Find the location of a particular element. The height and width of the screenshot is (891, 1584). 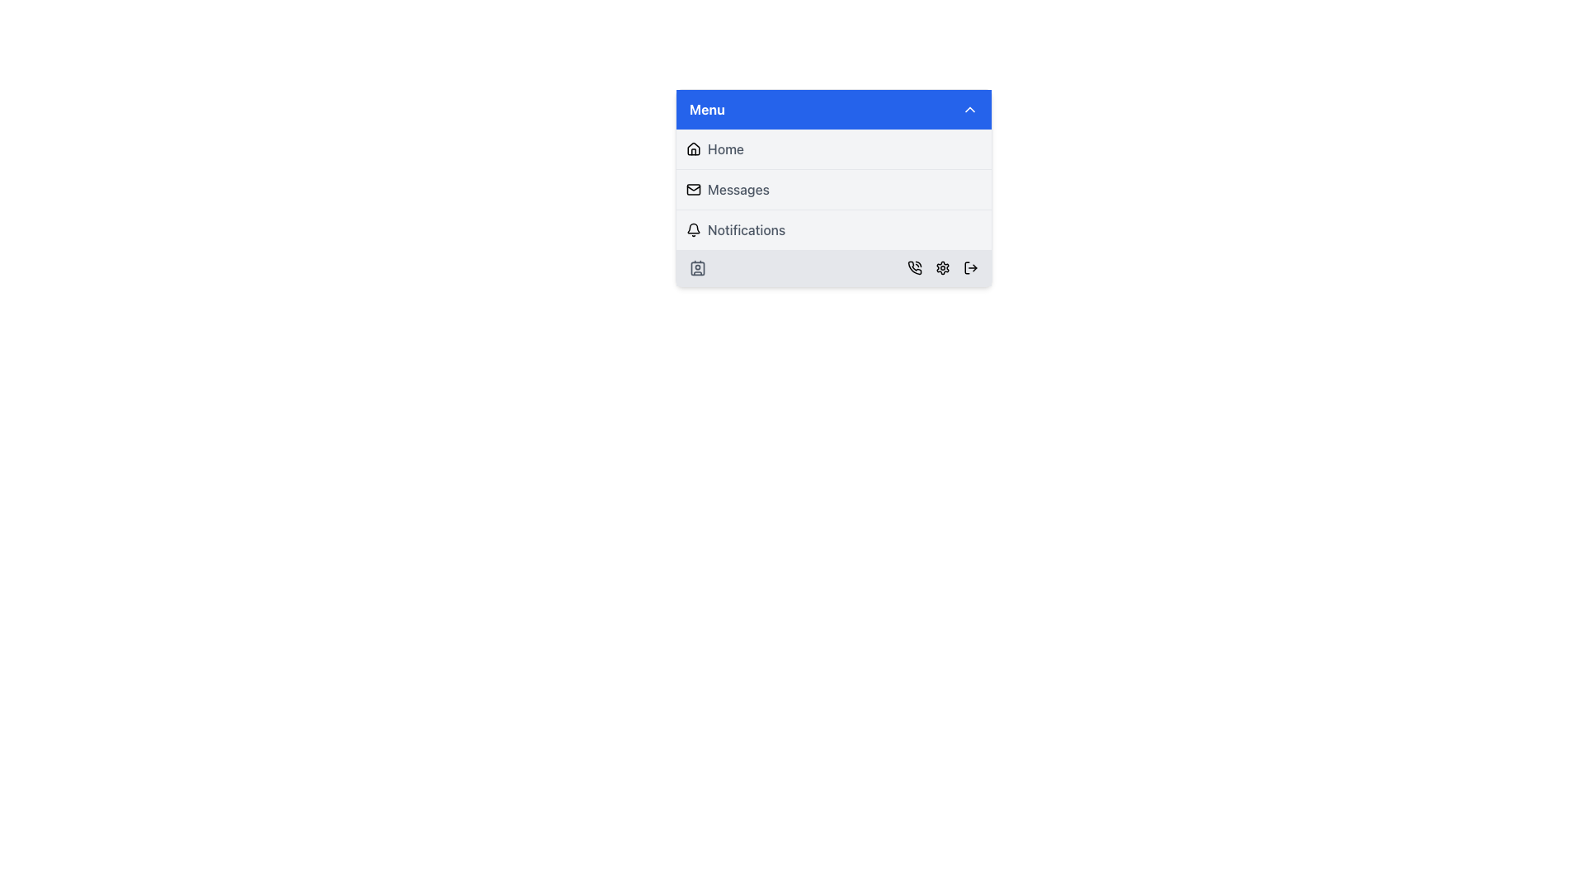

the small rectangular Box with rounded corners located at the bottom of the menu, which is the first element on the left in its row is located at coordinates (697, 266).